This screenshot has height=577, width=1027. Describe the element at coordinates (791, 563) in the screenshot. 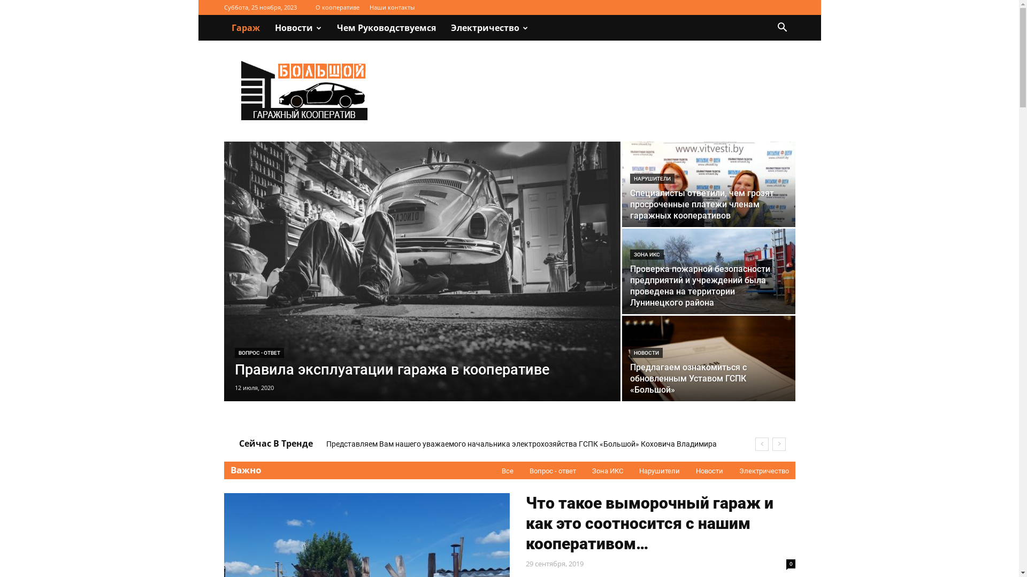

I see `'0'` at that location.